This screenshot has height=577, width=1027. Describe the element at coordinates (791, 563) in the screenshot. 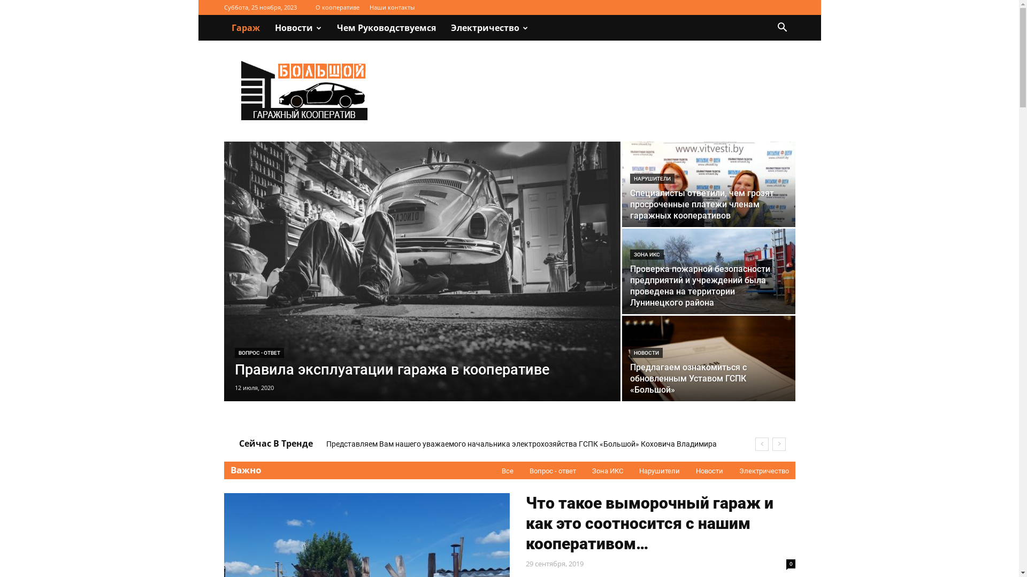

I see `'0'` at that location.